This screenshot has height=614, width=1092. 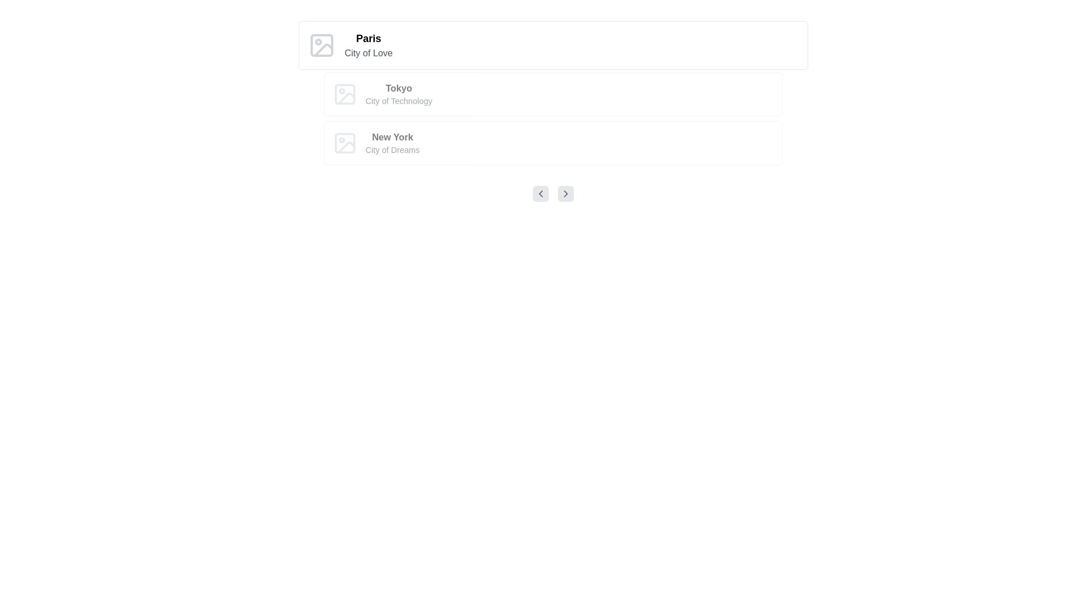 I want to click on the text label displaying 'Paris' with the subtitle 'City of Love', located in the first item of the city descriptions list, so click(x=369, y=45).